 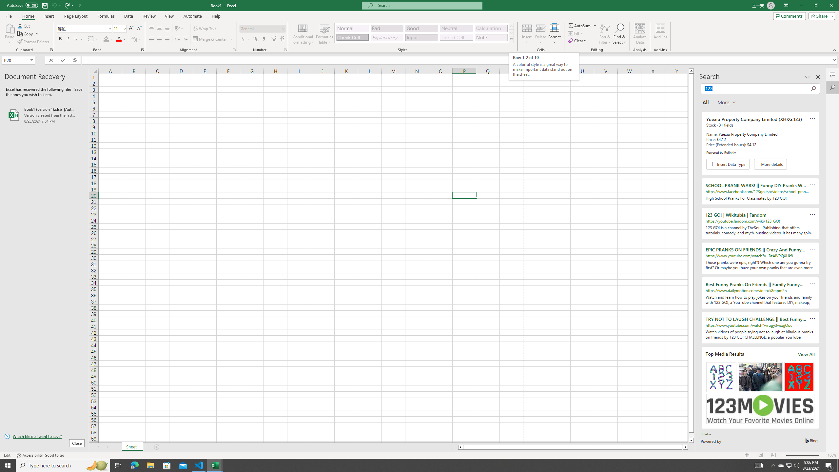 I want to click on 'Bad', so click(x=387, y=29).